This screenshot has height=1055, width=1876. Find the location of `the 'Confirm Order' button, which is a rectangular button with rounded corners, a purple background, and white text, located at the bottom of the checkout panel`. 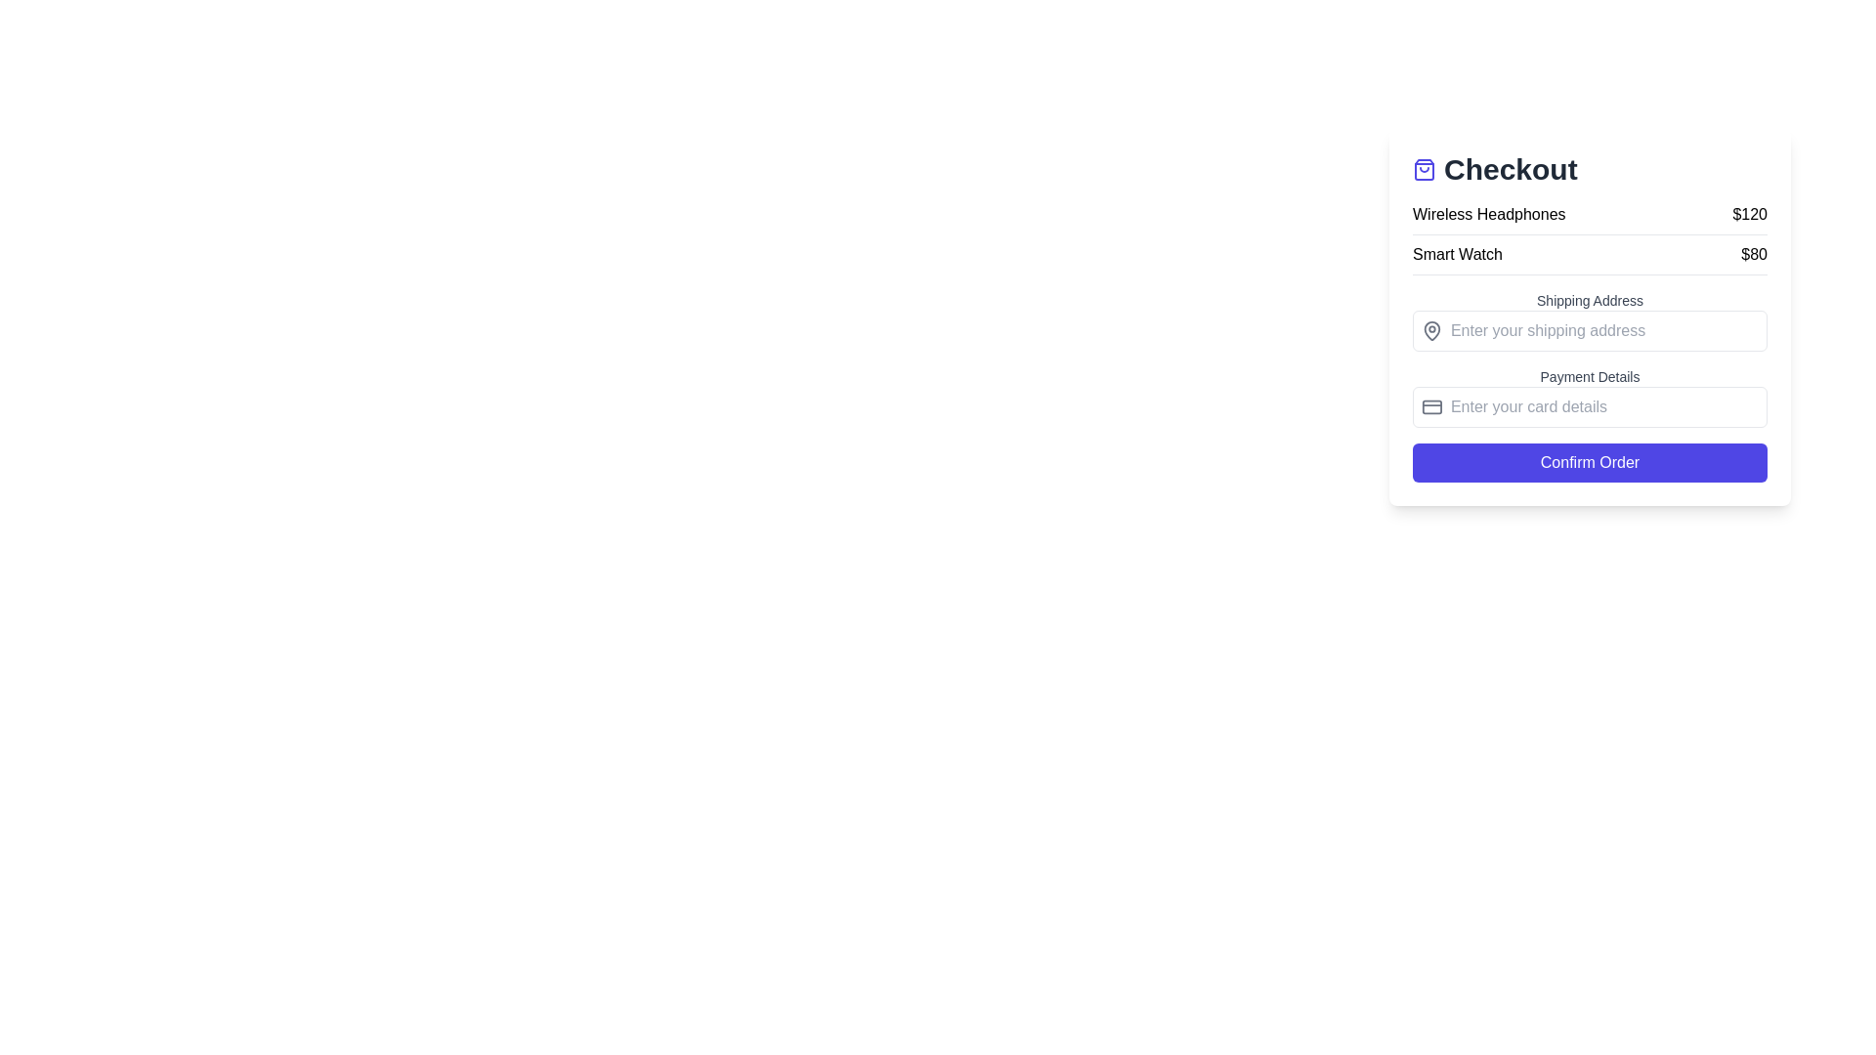

the 'Confirm Order' button, which is a rectangular button with rounded corners, a purple background, and white text, located at the bottom of the checkout panel is located at coordinates (1590, 463).